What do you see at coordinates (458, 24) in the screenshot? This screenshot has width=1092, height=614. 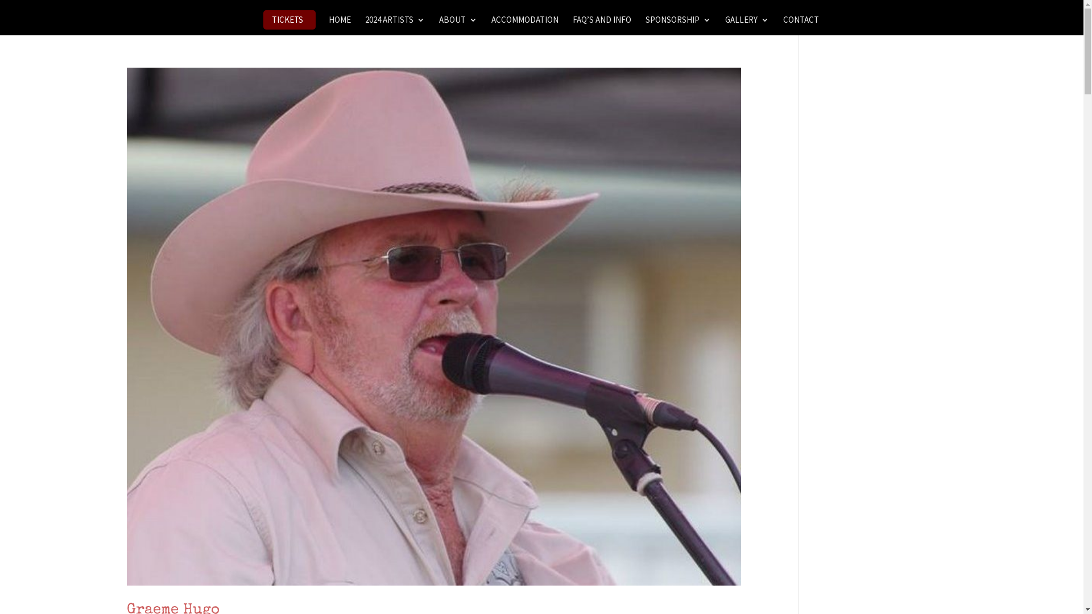 I see `'ABOUT'` at bounding box center [458, 24].